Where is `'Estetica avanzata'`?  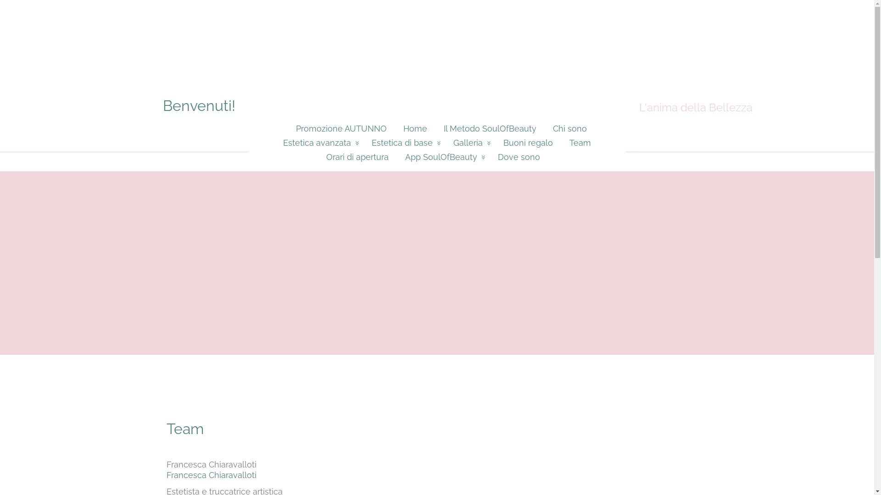 'Estetica avanzata' is located at coordinates (319, 143).